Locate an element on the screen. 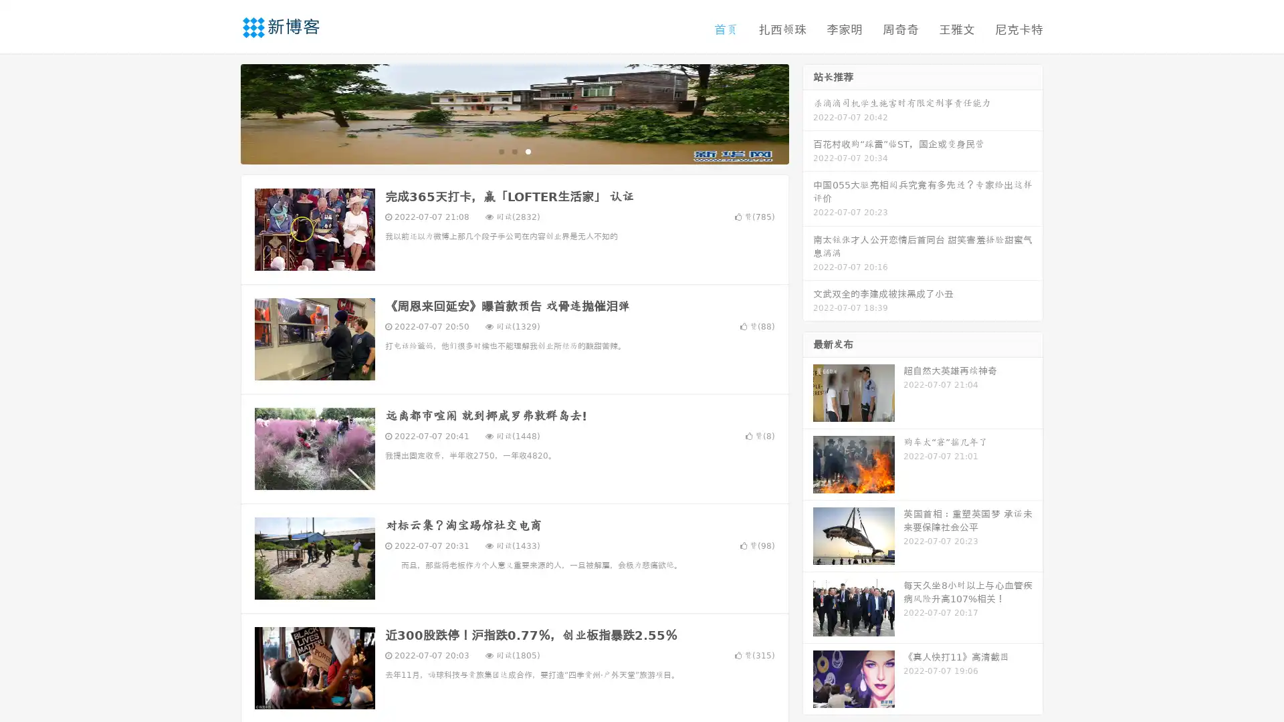 The width and height of the screenshot is (1284, 722). Go to slide 3 is located at coordinates (528, 150).